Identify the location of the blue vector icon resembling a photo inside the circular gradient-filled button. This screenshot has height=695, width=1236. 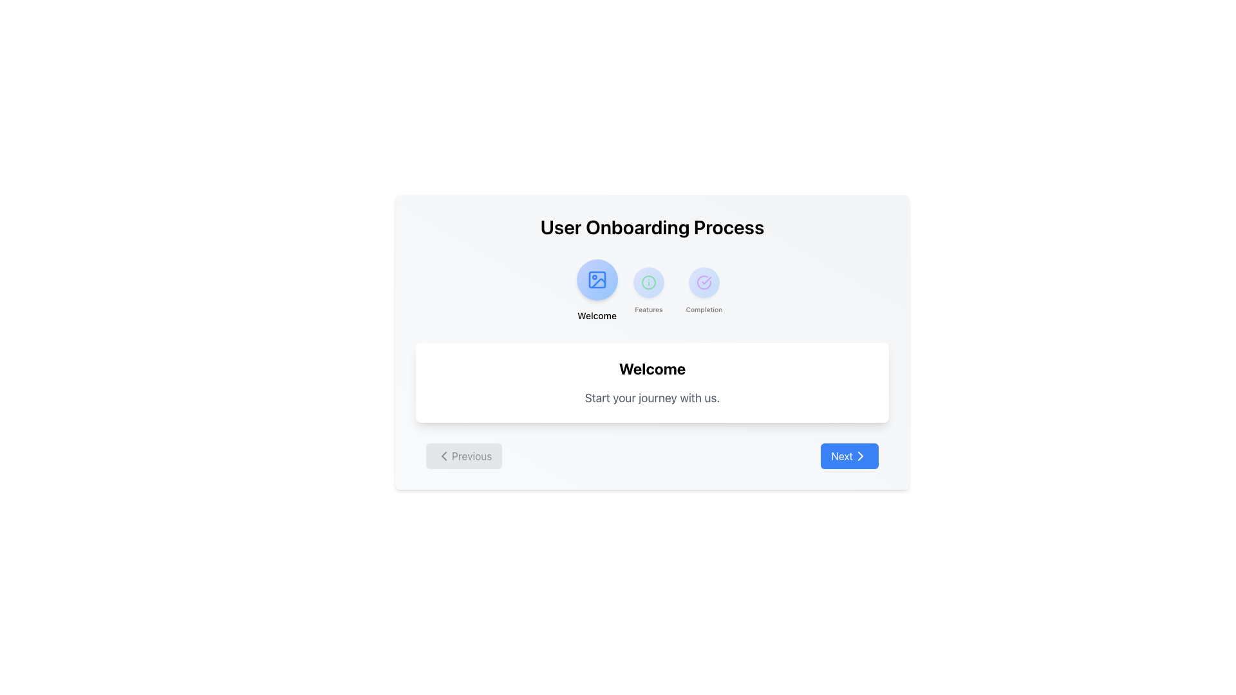
(596, 279).